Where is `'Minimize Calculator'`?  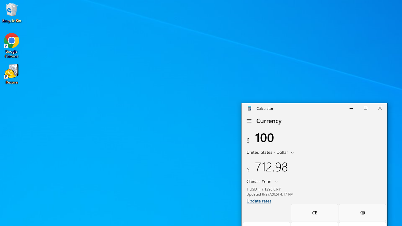 'Minimize Calculator' is located at coordinates (350, 108).